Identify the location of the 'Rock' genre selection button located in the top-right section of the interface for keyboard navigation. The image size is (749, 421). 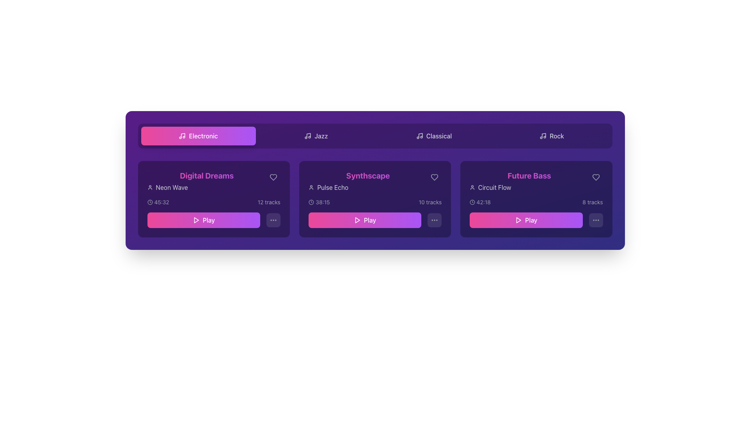
(551, 135).